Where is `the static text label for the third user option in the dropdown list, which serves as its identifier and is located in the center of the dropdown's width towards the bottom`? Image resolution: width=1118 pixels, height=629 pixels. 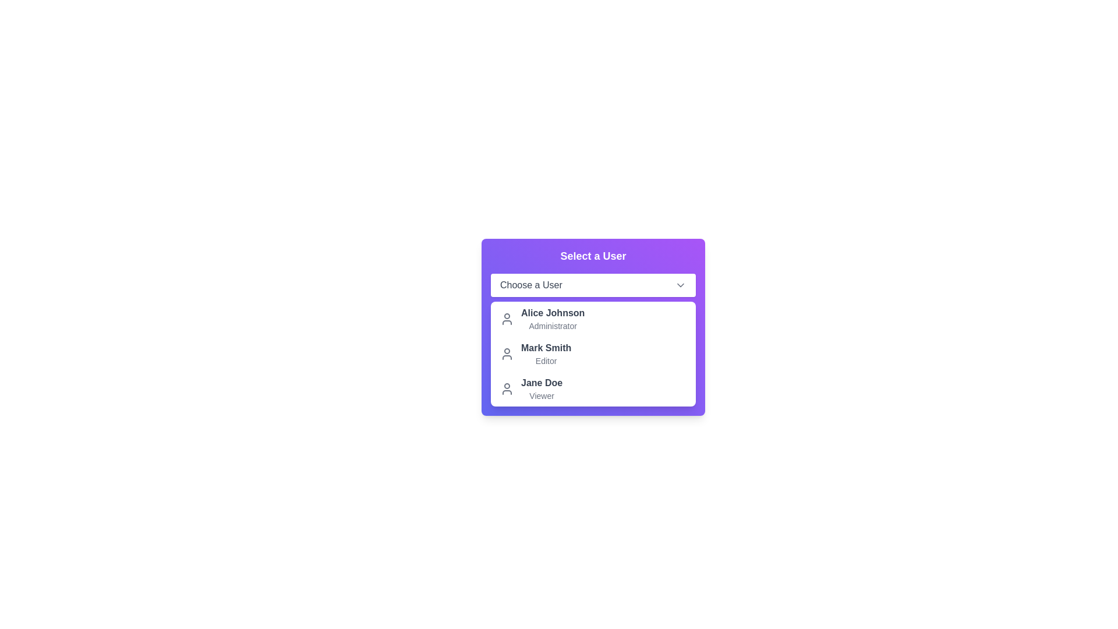 the static text label for the third user option in the dropdown list, which serves as its identifier and is located in the center of the dropdown's width towards the bottom is located at coordinates (541, 383).